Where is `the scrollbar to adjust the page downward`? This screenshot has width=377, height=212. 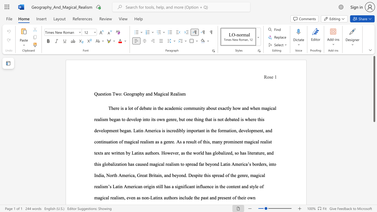 the scrollbar to adjust the page downward is located at coordinates (374, 141).